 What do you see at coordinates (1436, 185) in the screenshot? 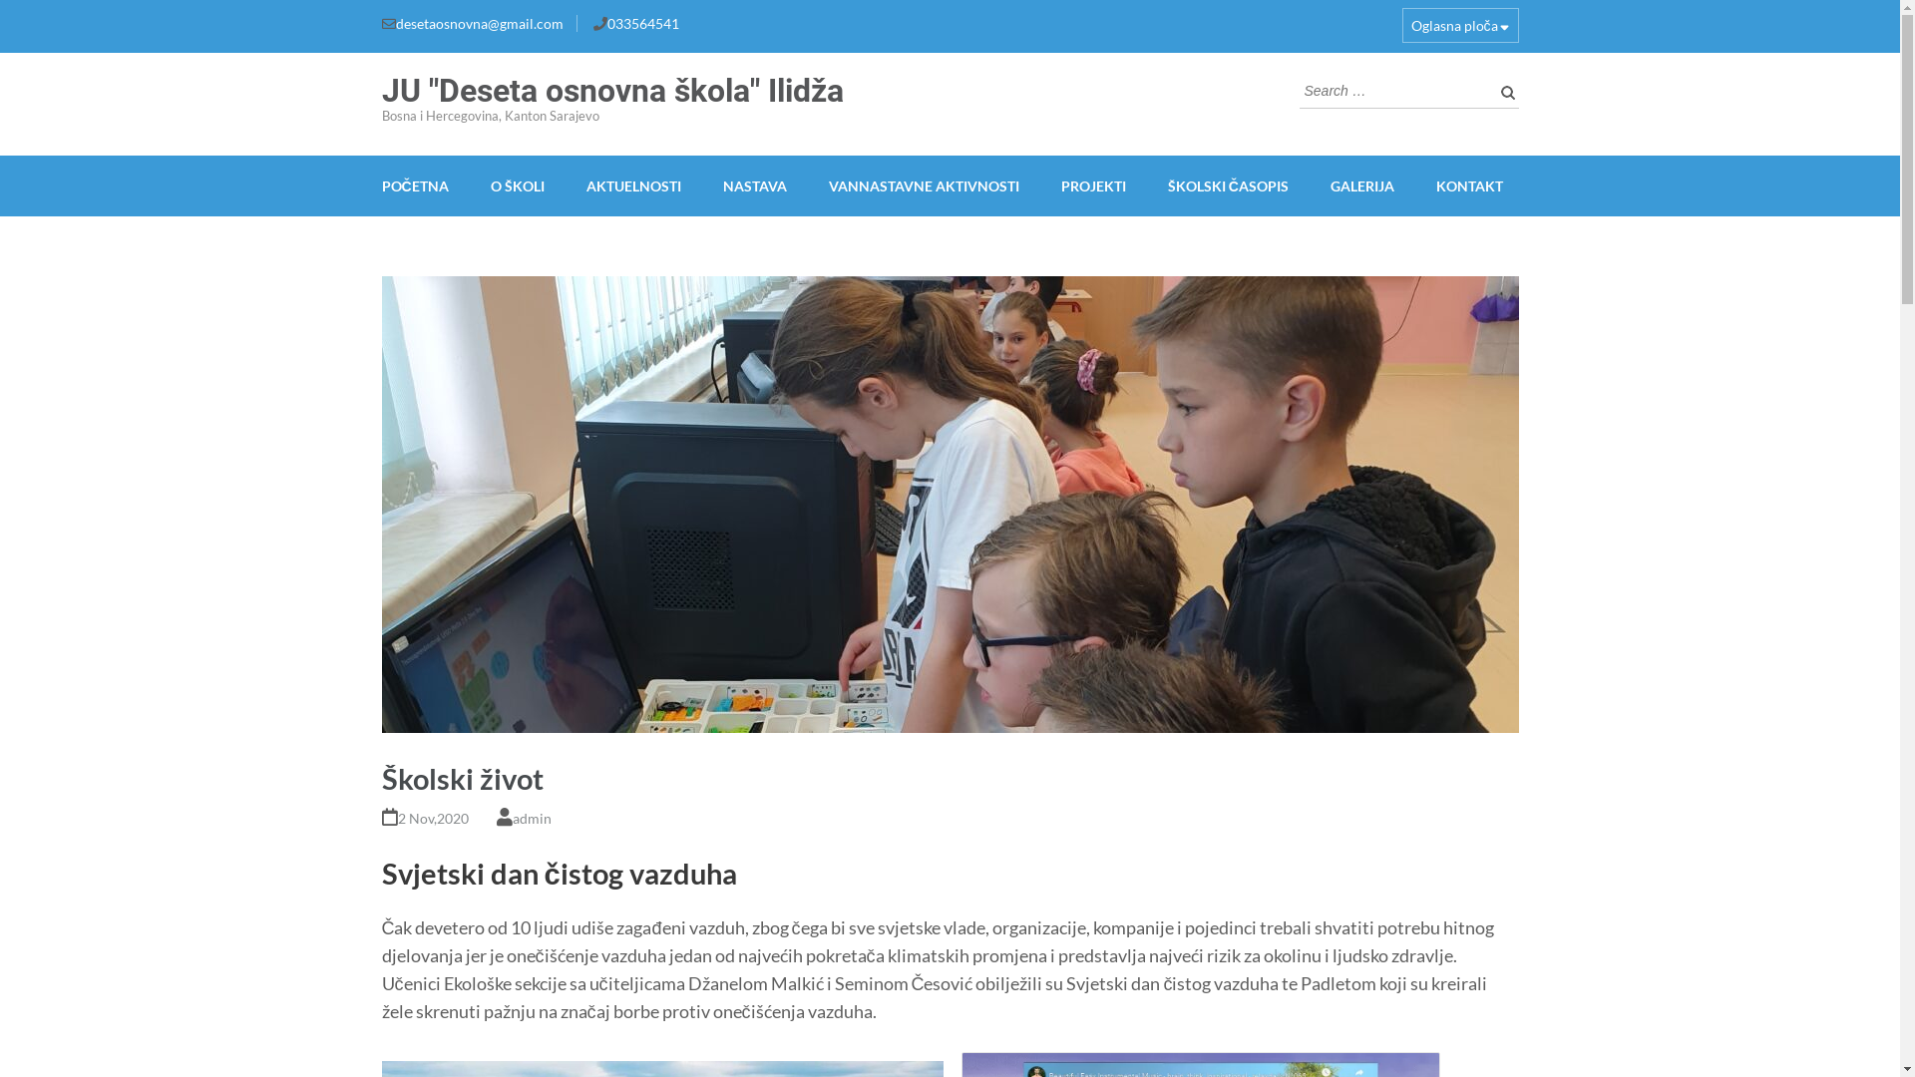
I see `'KONTAKT'` at bounding box center [1436, 185].